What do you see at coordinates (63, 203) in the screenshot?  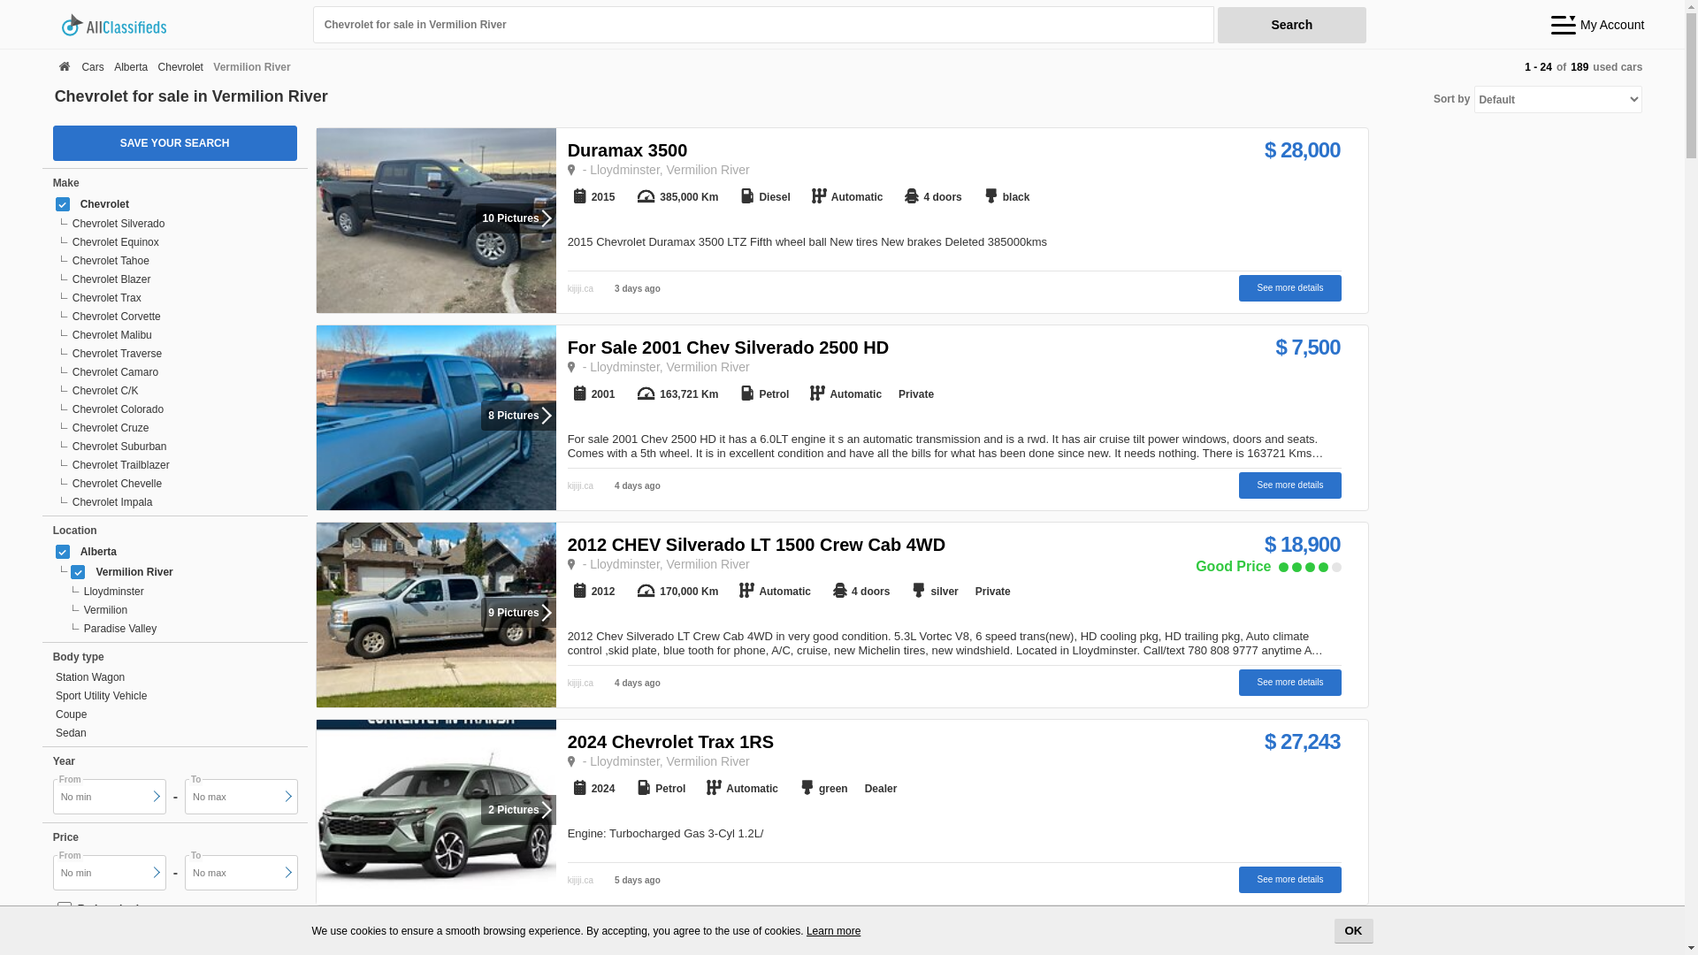 I see `'on'` at bounding box center [63, 203].